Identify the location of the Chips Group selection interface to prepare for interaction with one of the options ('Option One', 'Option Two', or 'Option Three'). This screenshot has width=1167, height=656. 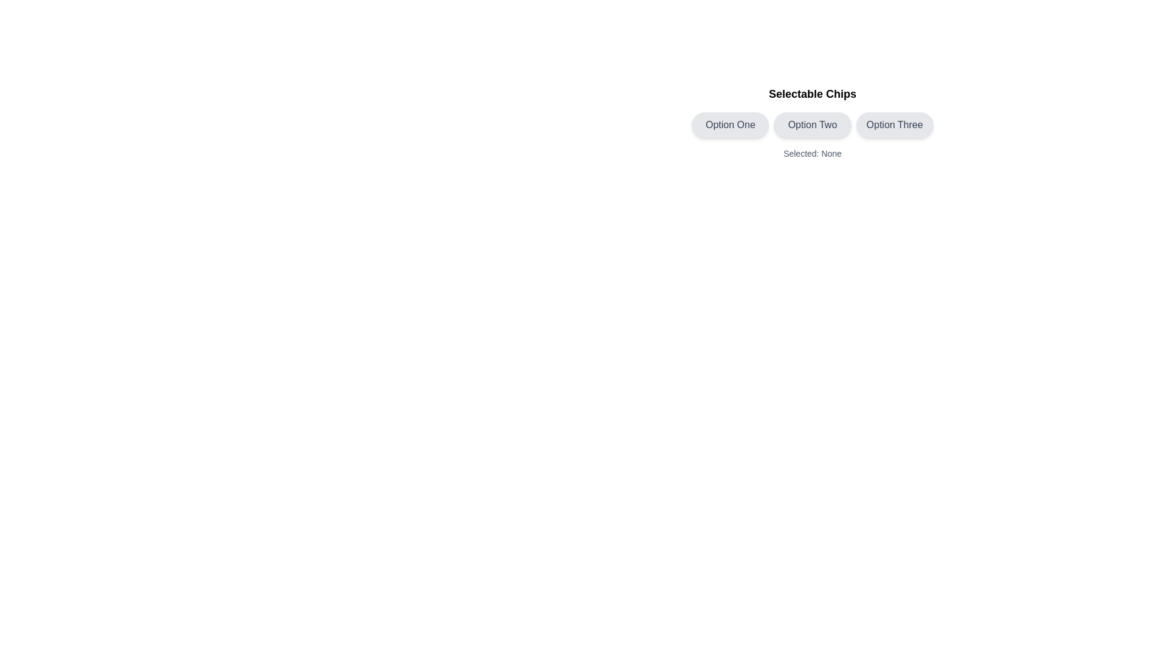
(813, 125).